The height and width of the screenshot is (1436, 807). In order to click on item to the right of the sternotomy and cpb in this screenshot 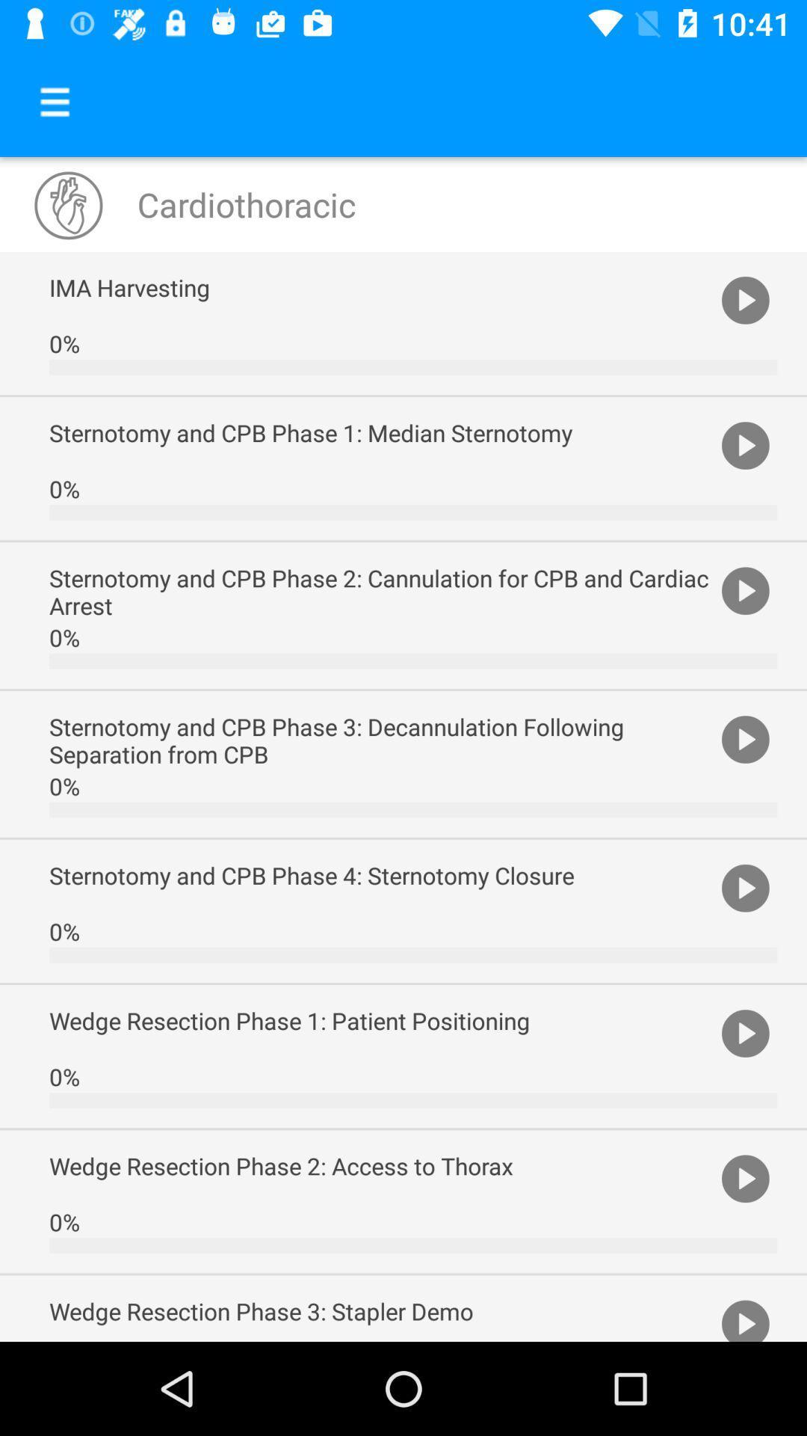, I will do `click(745, 589)`.